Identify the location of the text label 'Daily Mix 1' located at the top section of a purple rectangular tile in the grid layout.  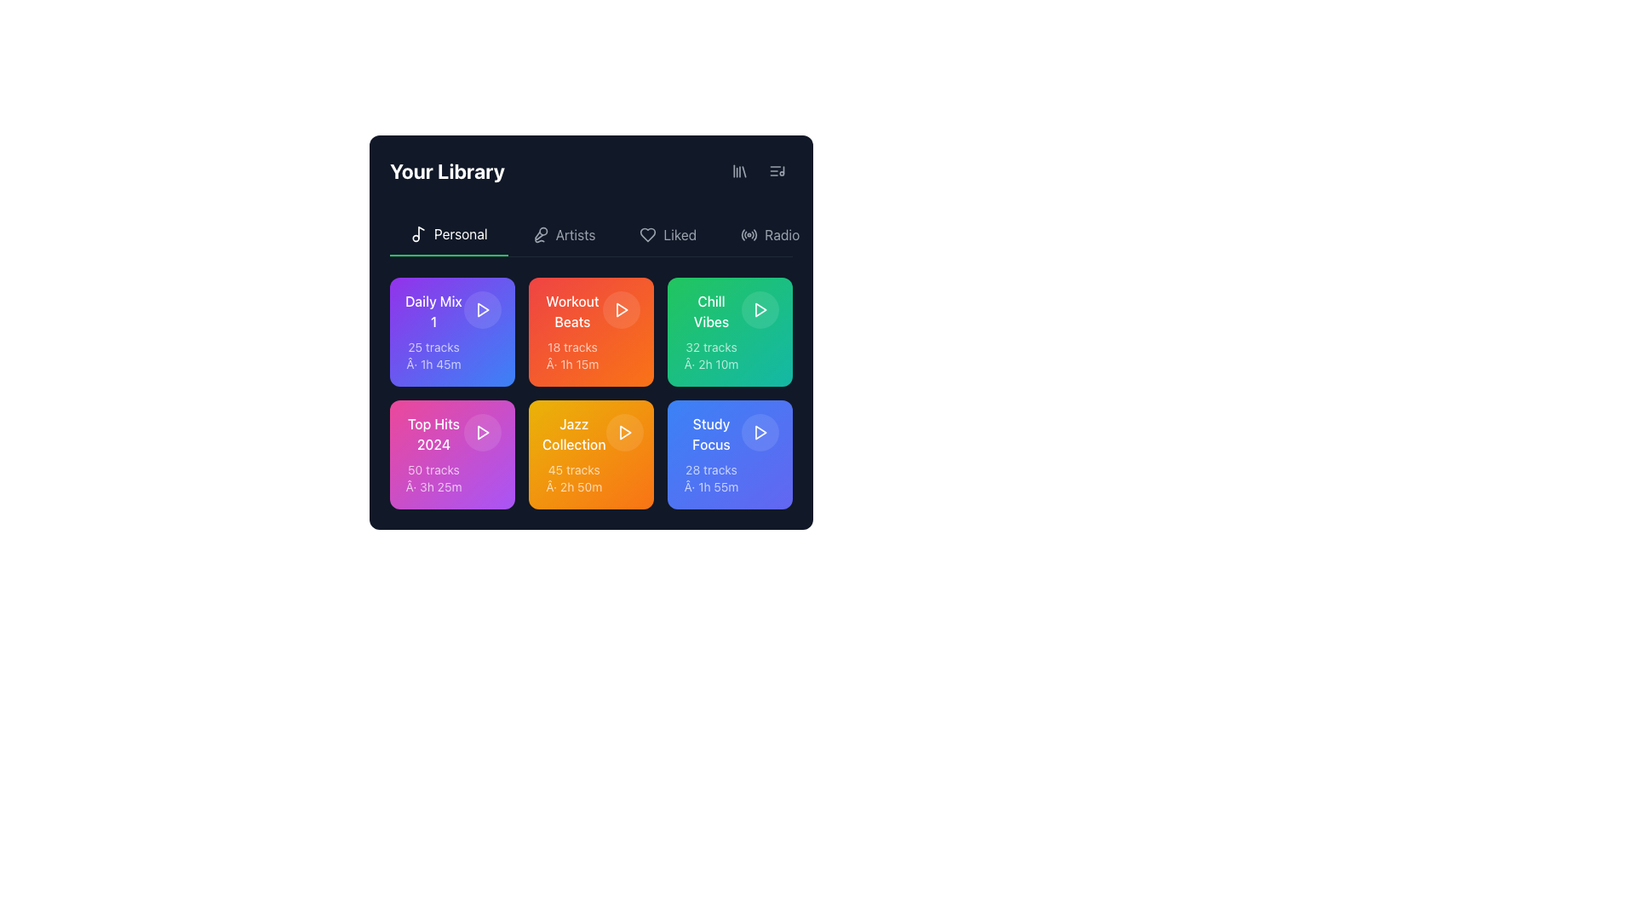
(433, 312).